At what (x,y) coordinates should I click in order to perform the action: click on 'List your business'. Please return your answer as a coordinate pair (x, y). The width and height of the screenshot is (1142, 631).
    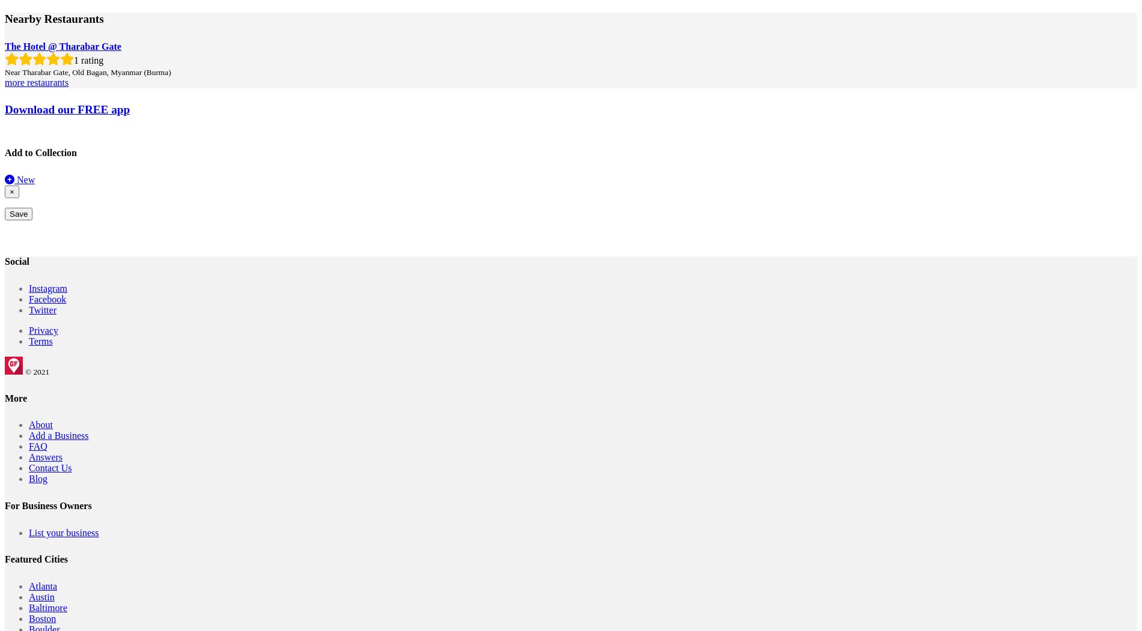
    Looking at the image, I should click on (29, 531).